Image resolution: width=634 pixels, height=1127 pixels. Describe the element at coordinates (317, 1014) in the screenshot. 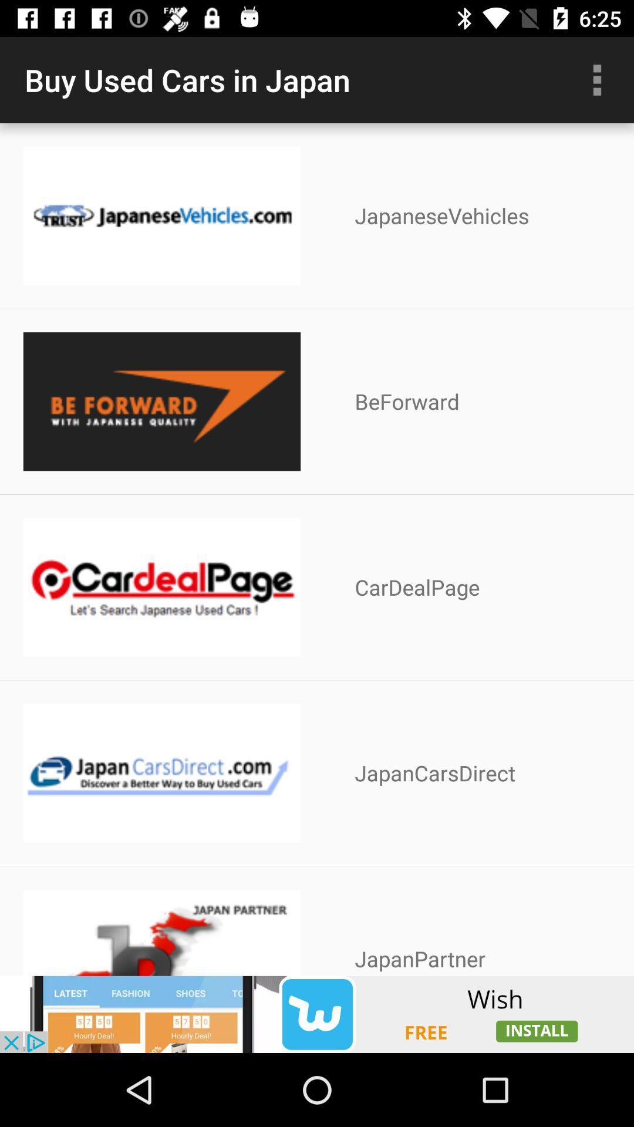

I see `advertisement page` at that location.